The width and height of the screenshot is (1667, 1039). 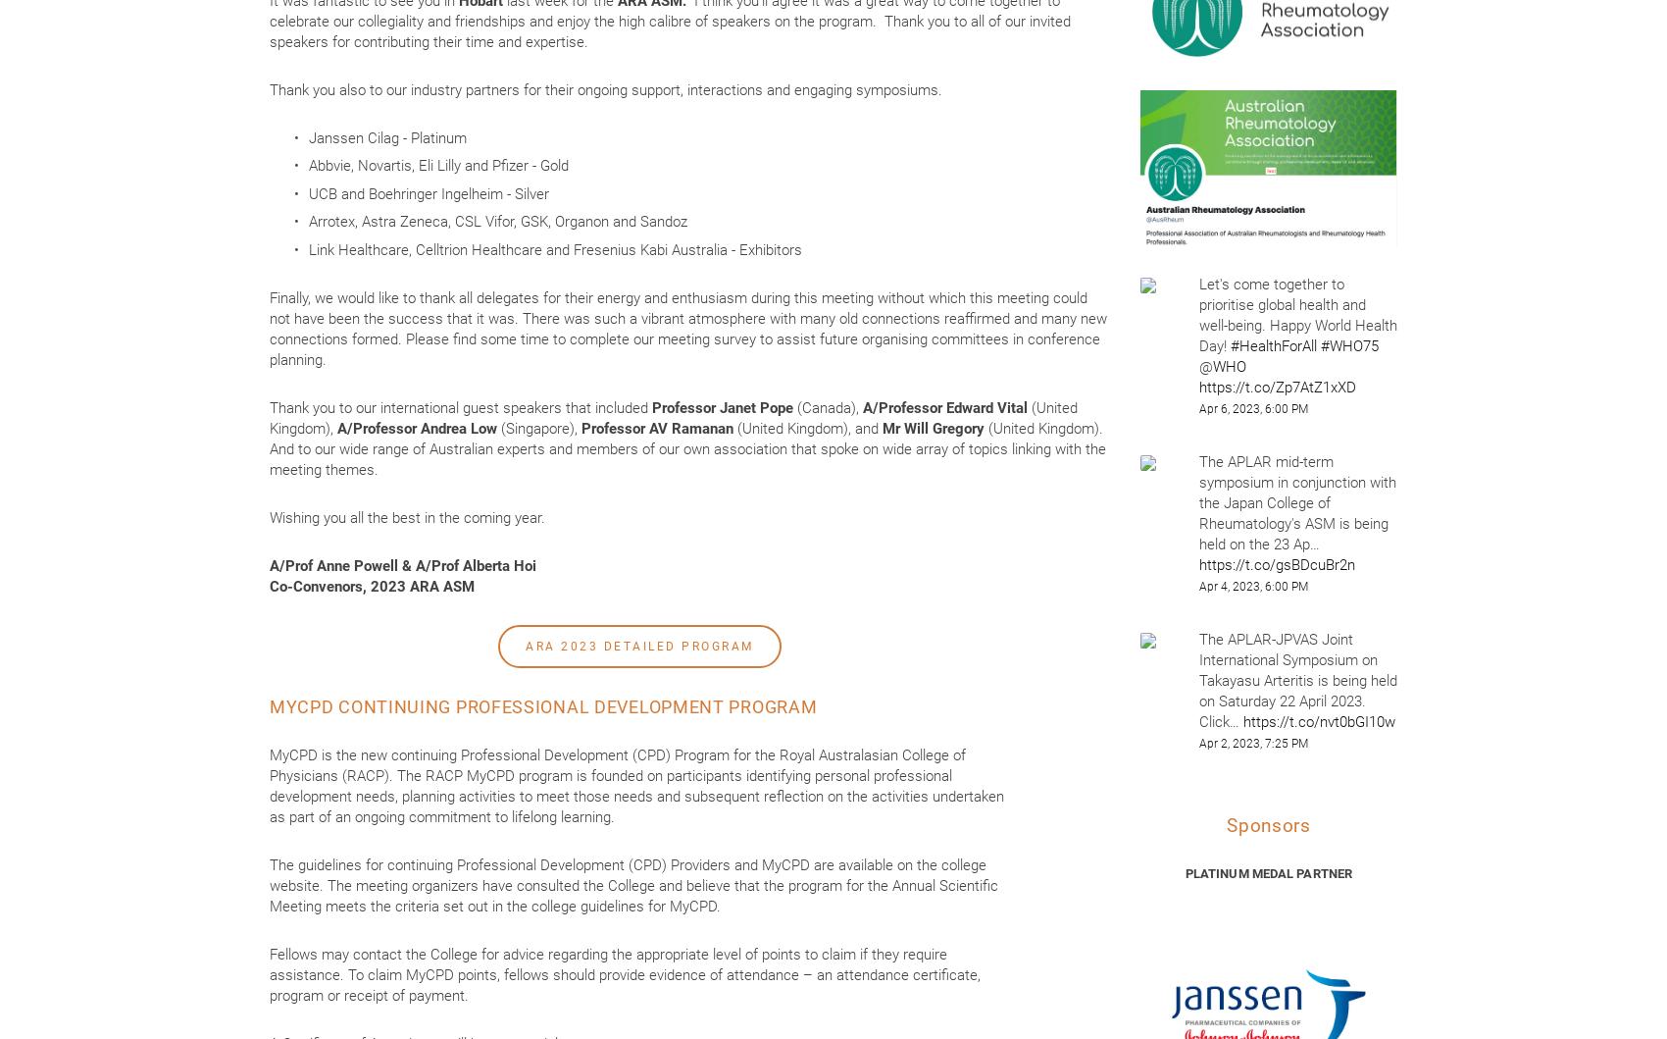 What do you see at coordinates (388, 135) in the screenshot?
I see `'Janssen Cilag - Platinum'` at bounding box center [388, 135].